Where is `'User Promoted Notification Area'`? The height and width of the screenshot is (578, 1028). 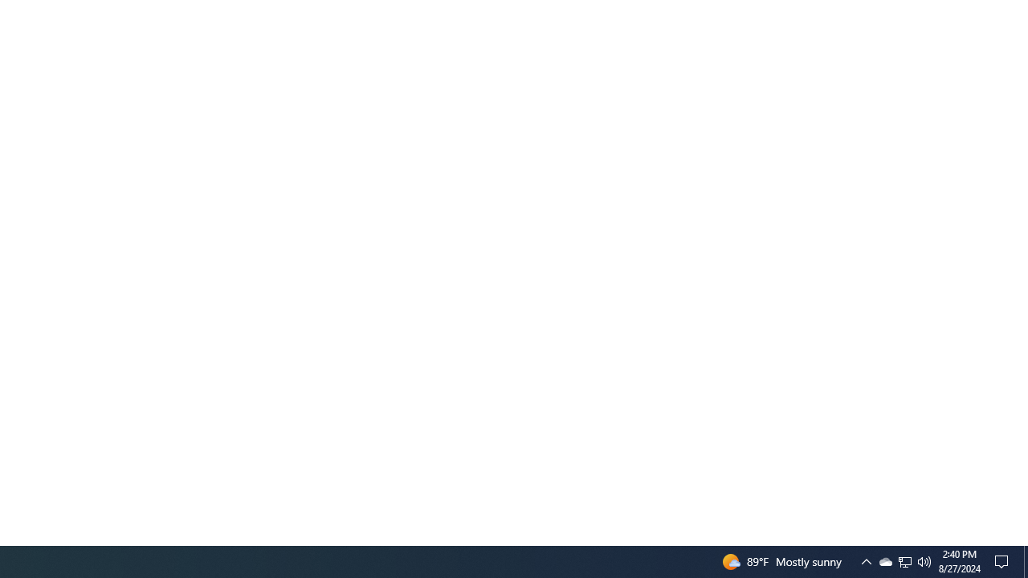 'User Promoted Notification Area' is located at coordinates (905, 560).